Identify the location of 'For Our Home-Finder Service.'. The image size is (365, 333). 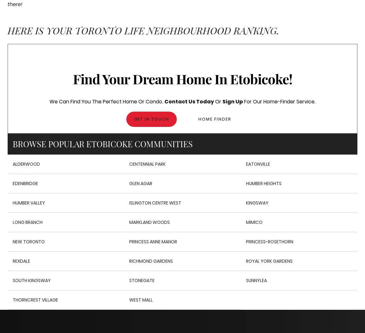
(242, 101).